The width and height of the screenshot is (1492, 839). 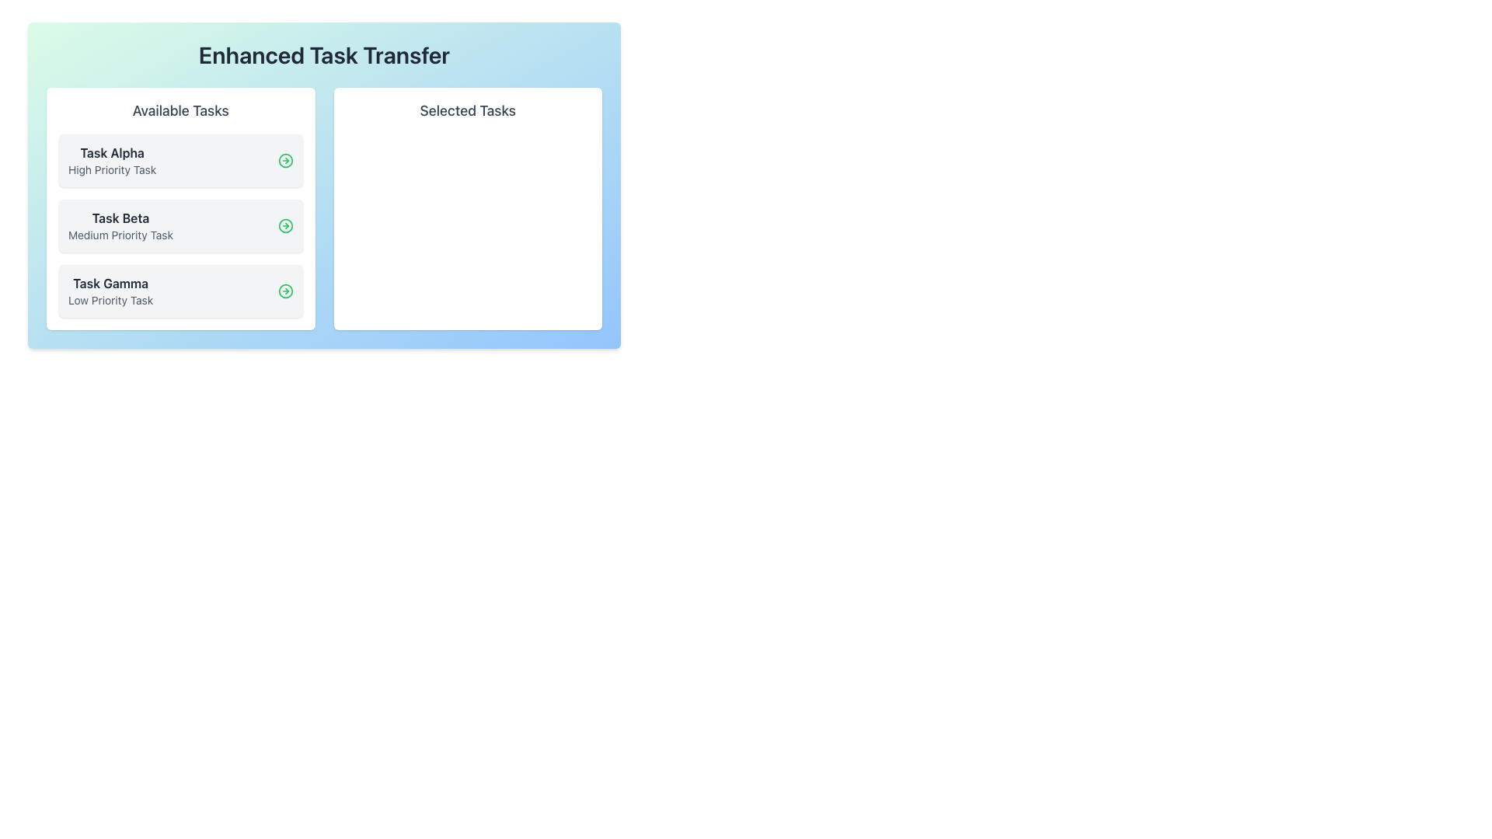 What do you see at coordinates (285, 161) in the screenshot?
I see `the interactive button located at the right side of the 'Task Alpha' entry in the 'Available Tasks' panel` at bounding box center [285, 161].